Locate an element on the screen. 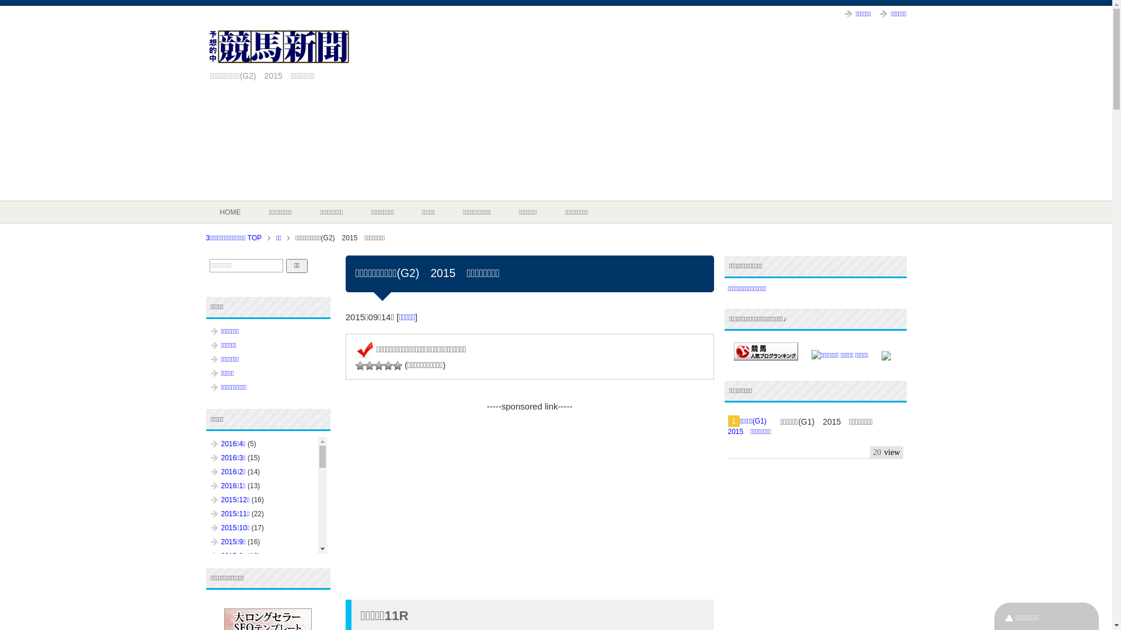 The image size is (1121, 630). 'HOME' is located at coordinates (229, 212).